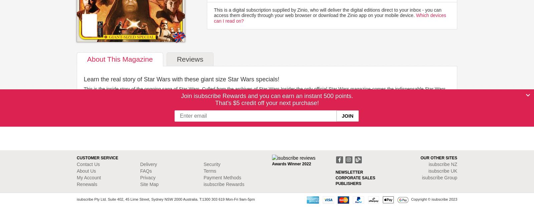  Describe the element at coordinates (203, 177) in the screenshot. I see `'Payment Methods'` at that location.